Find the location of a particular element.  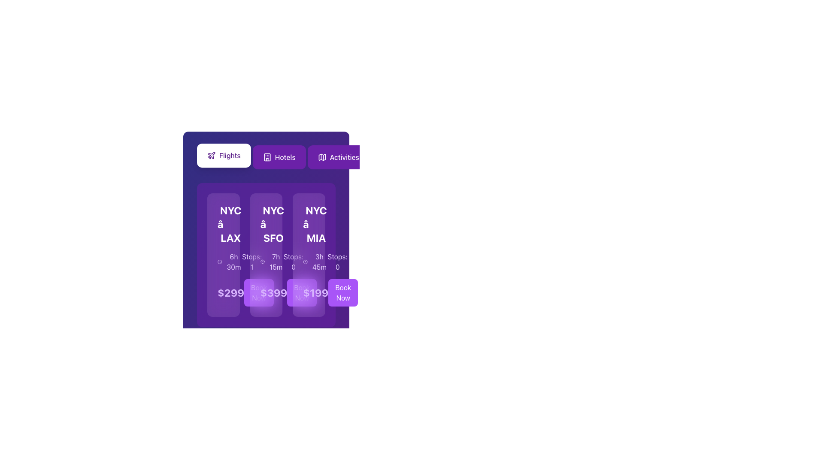

the Clock icon located in the leftmost column under the 'NYC to LAX' section, next to the text '6h 30m' is located at coordinates (220, 261).